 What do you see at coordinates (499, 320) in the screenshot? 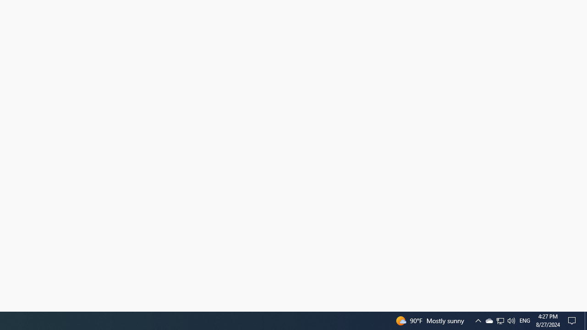
I see `'Notification Chevron'` at bounding box center [499, 320].